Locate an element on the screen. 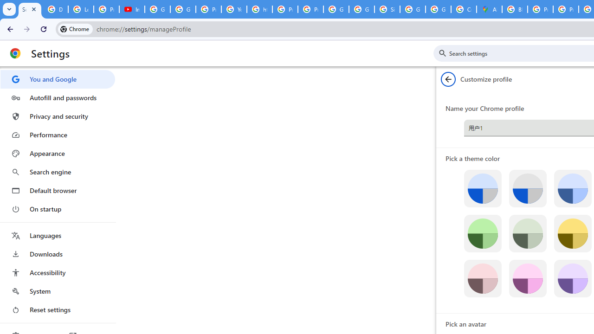  'Search engine' is located at coordinates (57, 172).